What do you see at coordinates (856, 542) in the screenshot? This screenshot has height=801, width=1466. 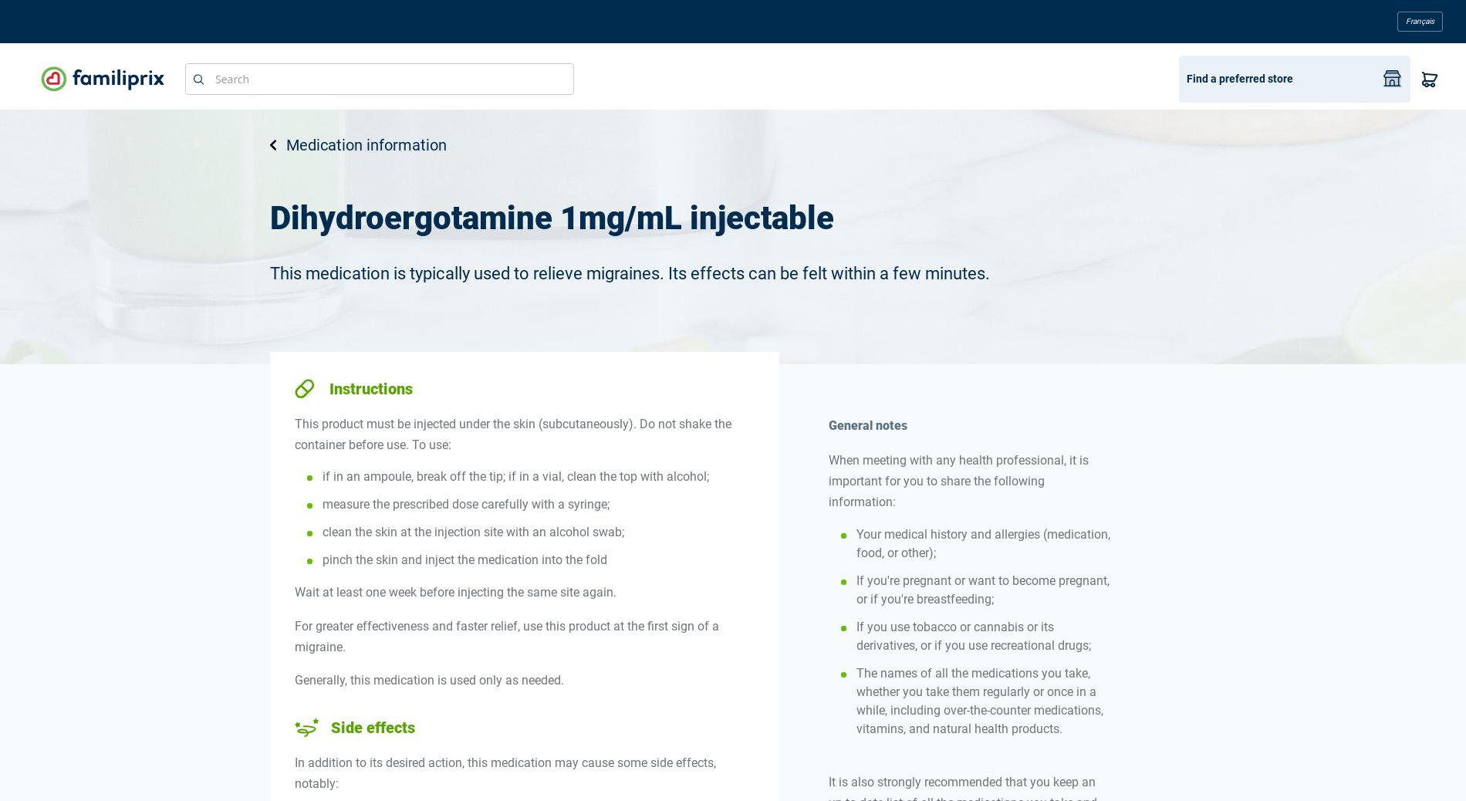 I see `'Your medical history and allergies (medication, food, or other);'` at bounding box center [856, 542].